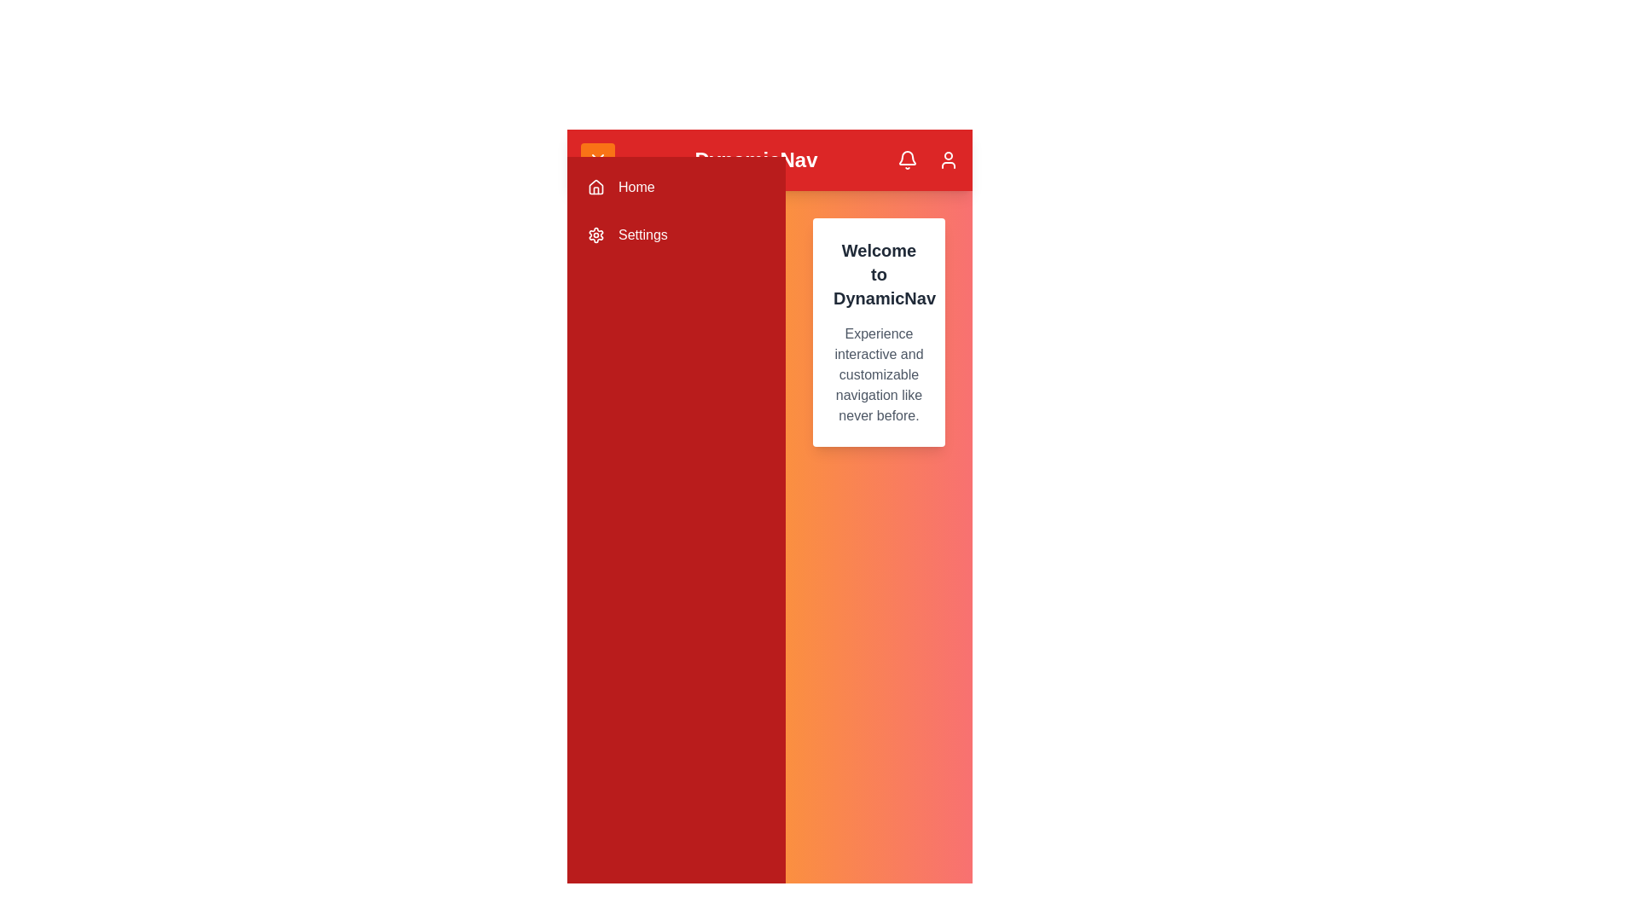  What do you see at coordinates (675, 187) in the screenshot?
I see `the 'Home' navigation item in the sidebar` at bounding box center [675, 187].